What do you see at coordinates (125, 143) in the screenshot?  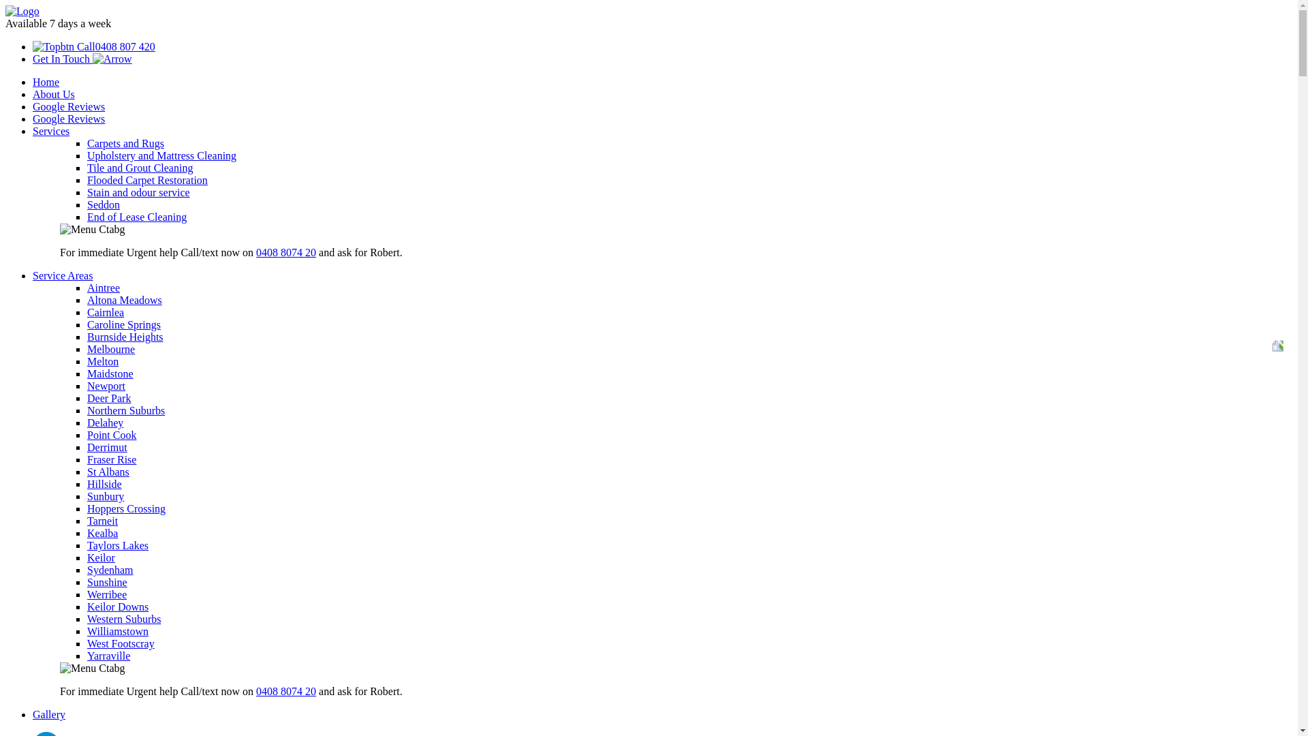 I see `'Carpets and Rugs'` at bounding box center [125, 143].